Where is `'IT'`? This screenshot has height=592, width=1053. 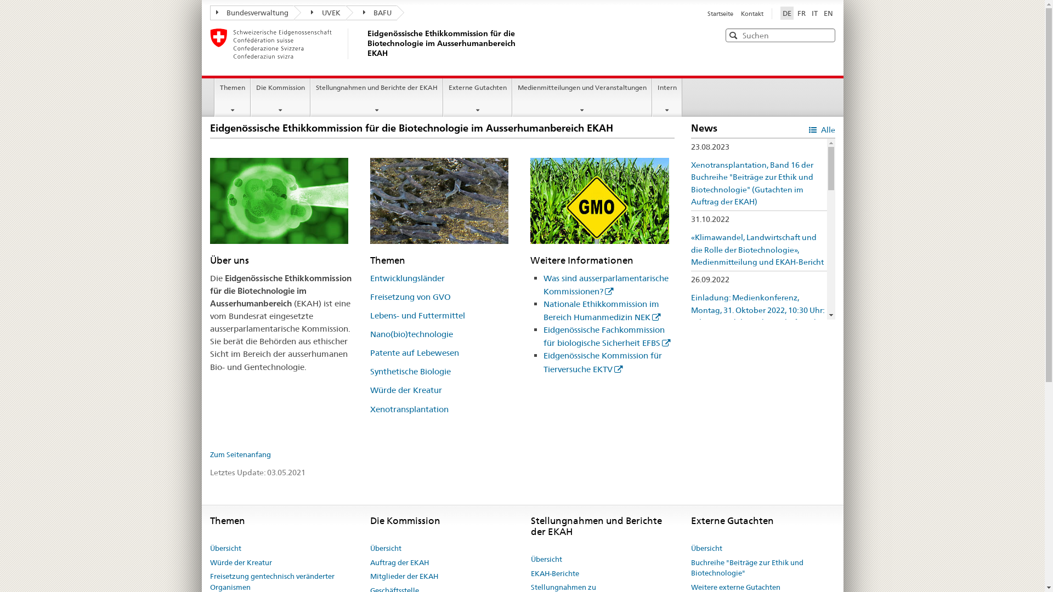 'IT' is located at coordinates (814, 13).